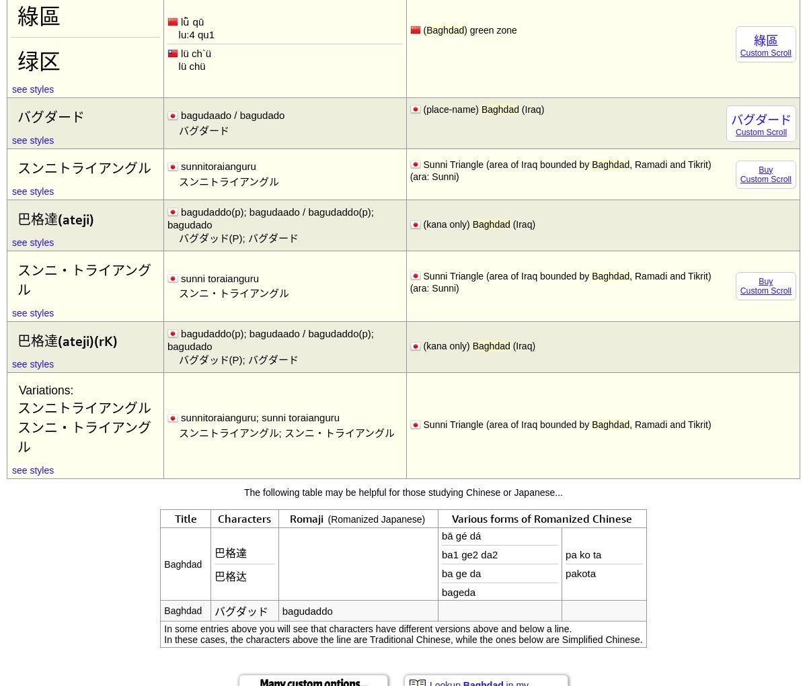 The width and height of the screenshot is (807, 686). Describe the element at coordinates (469, 554) in the screenshot. I see `'ba1 ge2 da2'` at that location.